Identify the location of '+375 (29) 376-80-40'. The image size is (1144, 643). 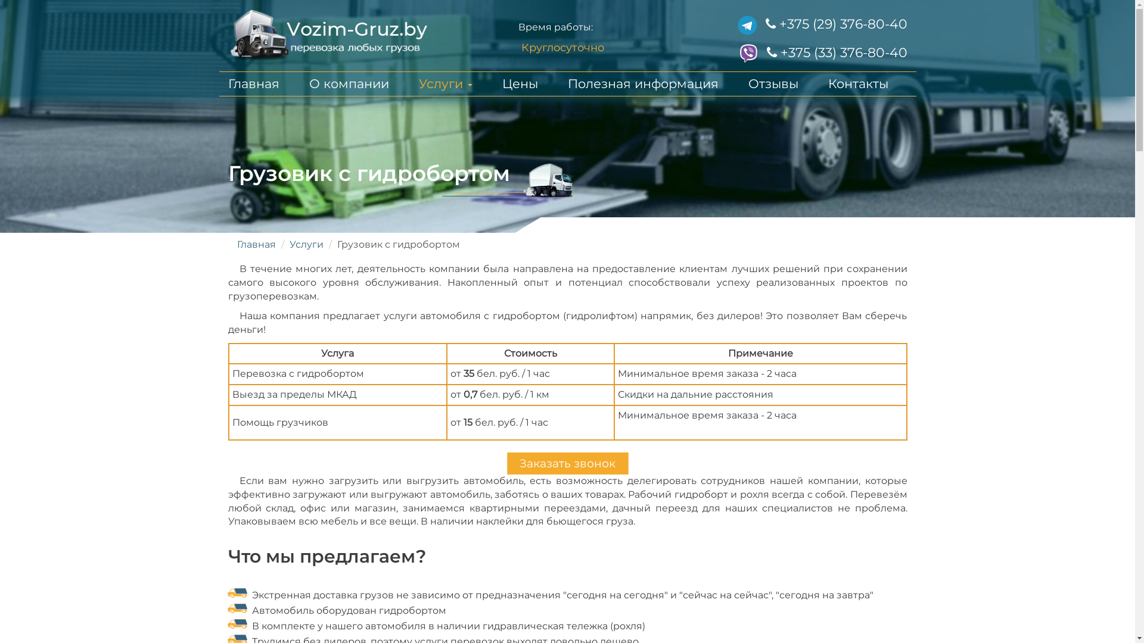
(835, 24).